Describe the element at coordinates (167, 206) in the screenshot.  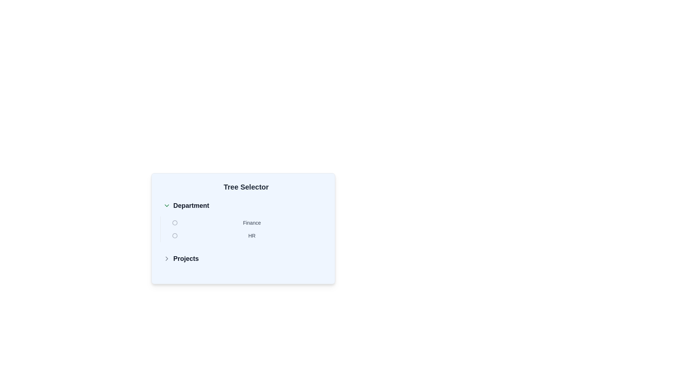
I see `the Chevron icon located to the left of the 'Department' label, which is used for dropdown or collapsible actions` at that location.